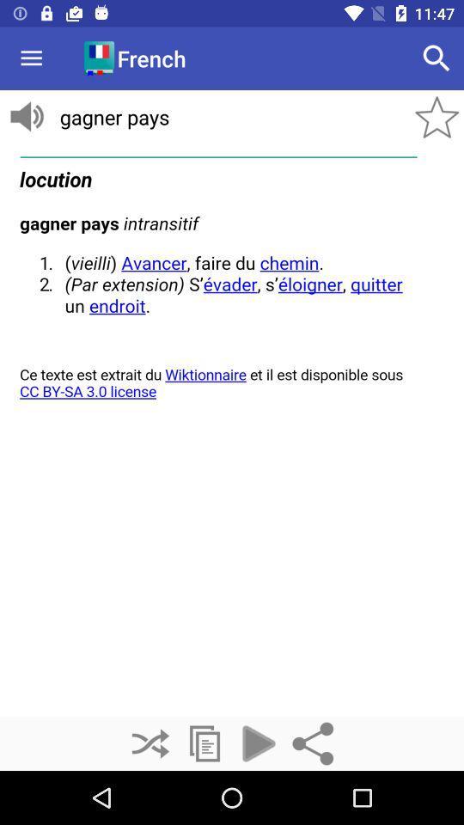 Image resolution: width=464 pixels, height=825 pixels. I want to click on the star icon, so click(437, 116).